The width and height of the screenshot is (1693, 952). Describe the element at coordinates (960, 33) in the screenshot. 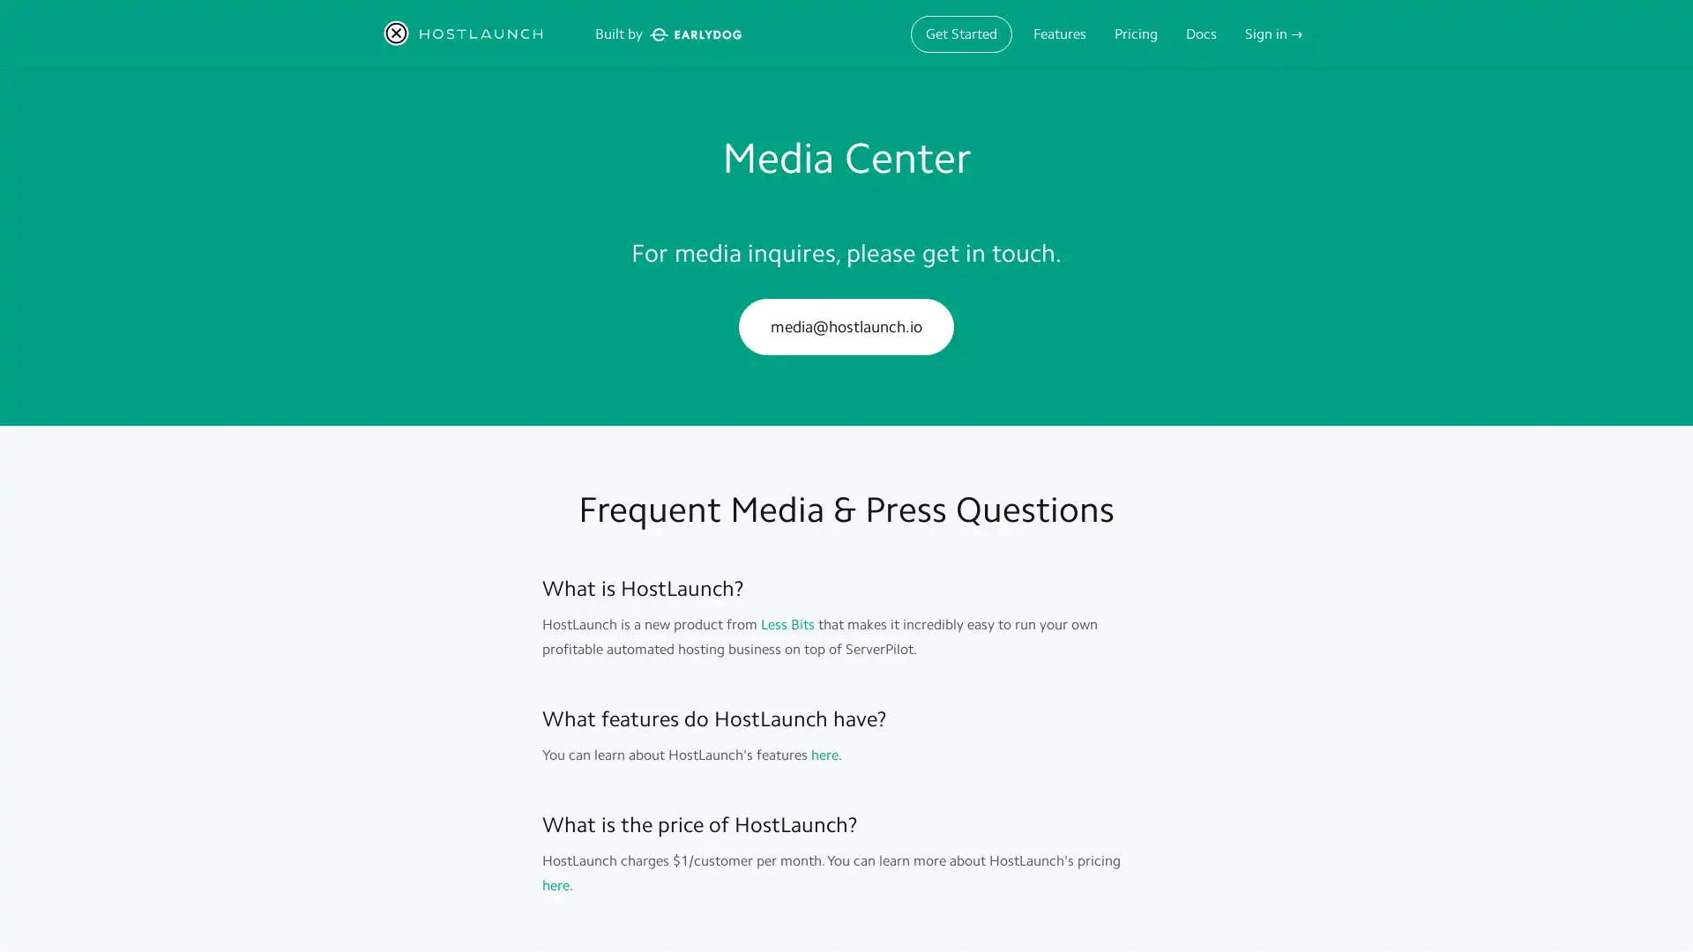

I see `Get Started` at that location.